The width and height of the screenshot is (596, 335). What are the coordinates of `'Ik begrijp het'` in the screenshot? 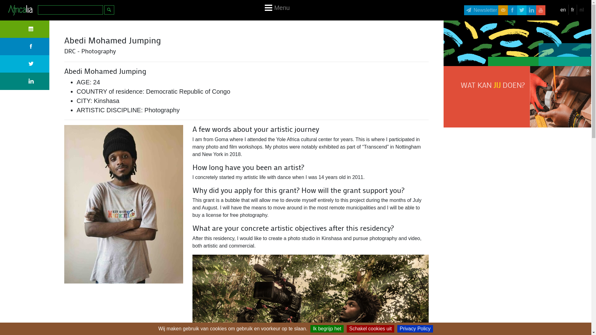 It's located at (327, 328).